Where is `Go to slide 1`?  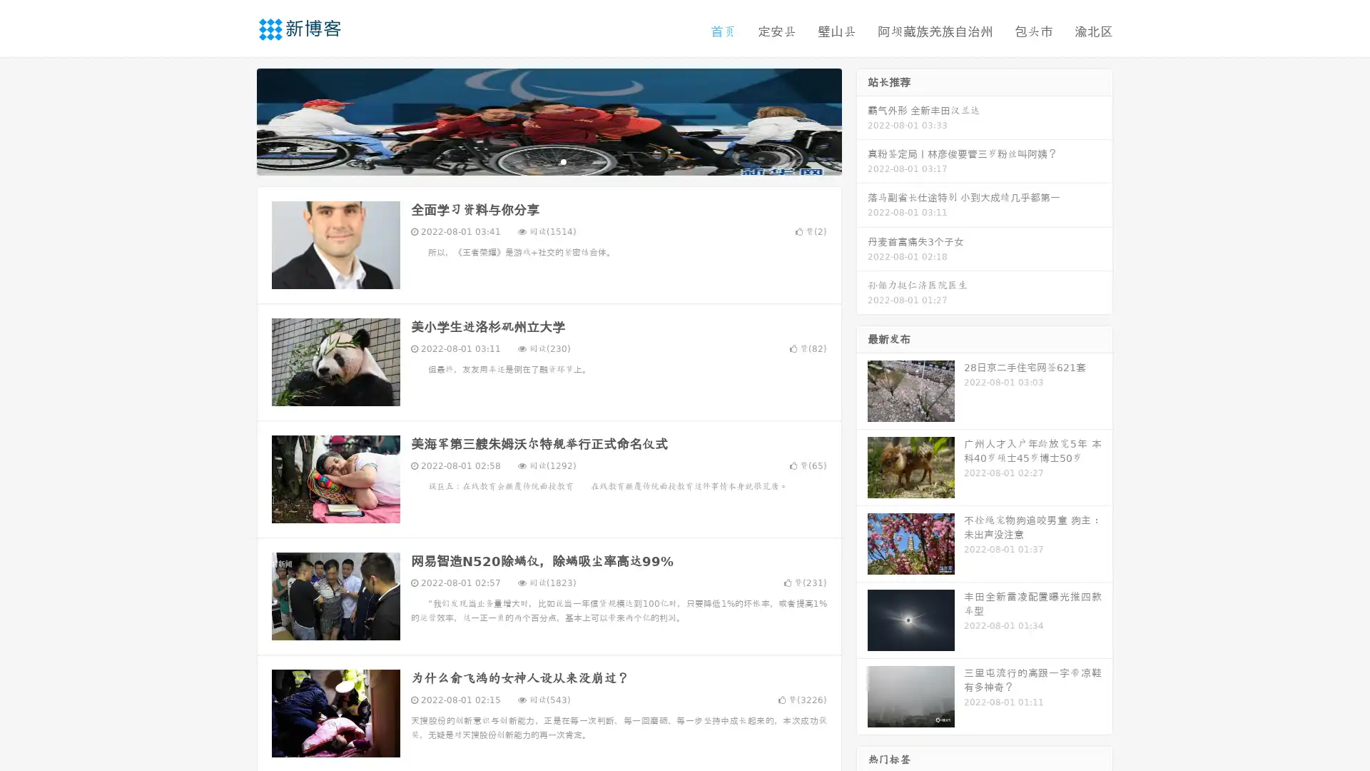
Go to slide 1 is located at coordinates (534, 161).